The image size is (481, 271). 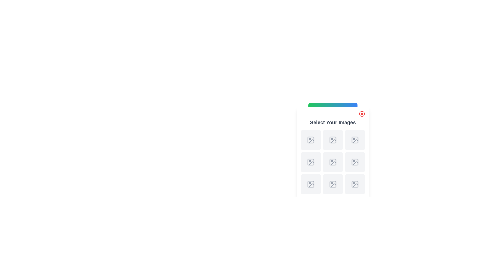 I want to click on the interactive button or icon placeholder located in the bottom right corner of the 3x3 grid layout, so click(x=354, y=162).